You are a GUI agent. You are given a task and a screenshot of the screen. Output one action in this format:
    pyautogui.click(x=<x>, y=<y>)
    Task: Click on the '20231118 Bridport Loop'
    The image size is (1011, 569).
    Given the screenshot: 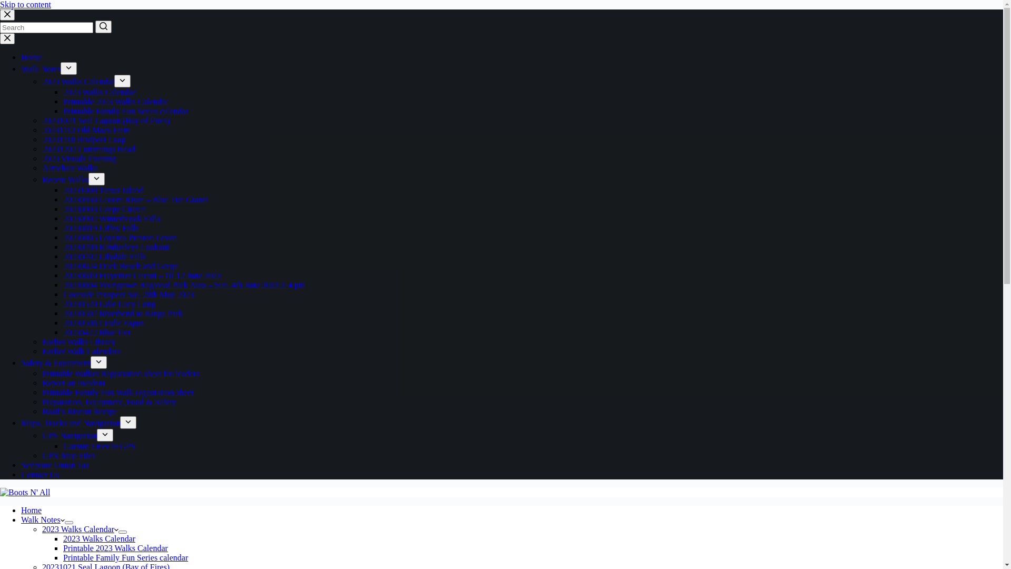 What is the action you would take?
    pyautogui.click(x=83, y=139)
    